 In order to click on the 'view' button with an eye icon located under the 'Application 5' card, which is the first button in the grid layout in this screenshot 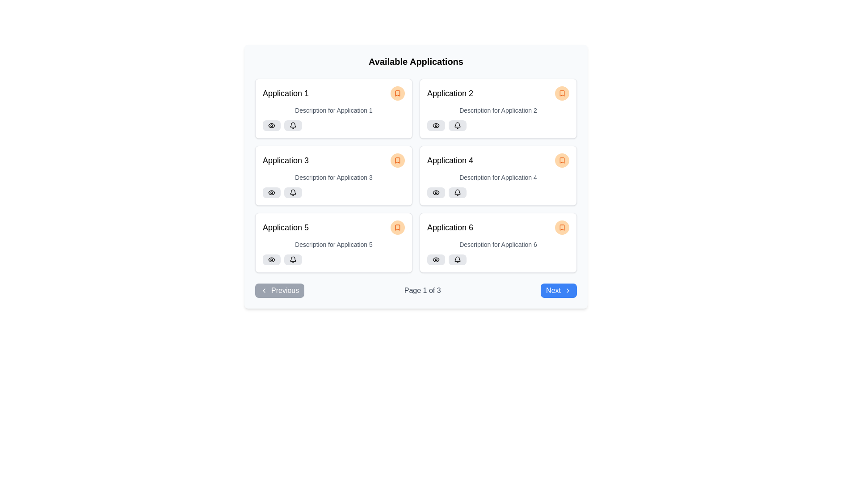, I will do `click(271, 260)`.